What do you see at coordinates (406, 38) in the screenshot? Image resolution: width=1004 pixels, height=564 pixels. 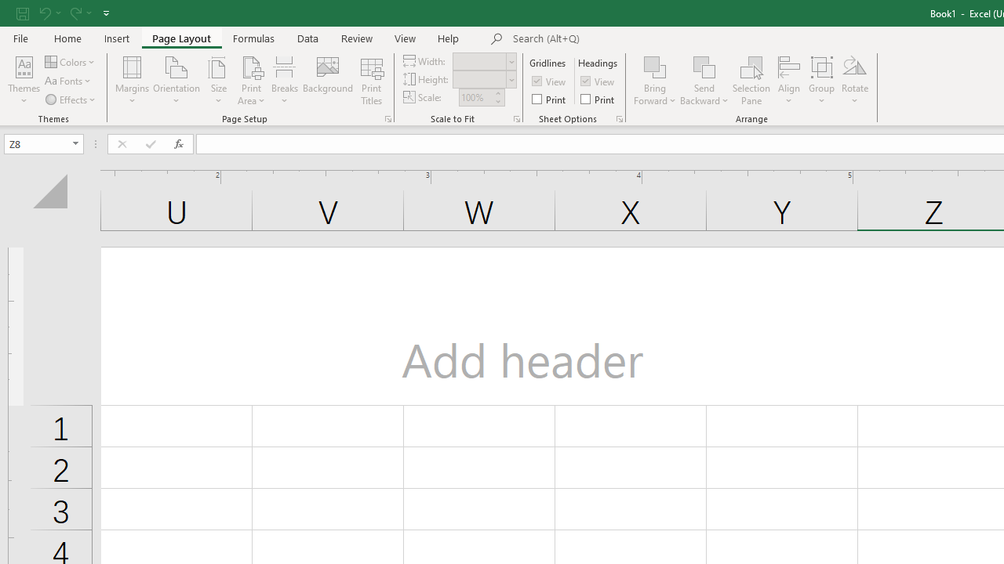 I see `'View'` at bounding box center [406, 38].